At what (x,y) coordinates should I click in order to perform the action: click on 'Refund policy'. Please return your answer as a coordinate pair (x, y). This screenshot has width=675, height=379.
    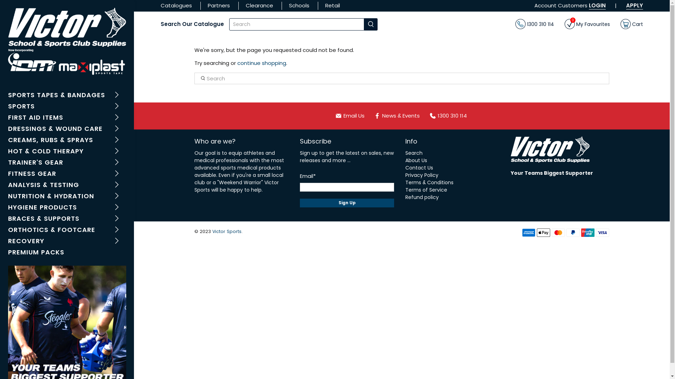
    Looking at the image, I should click on (422, 197).